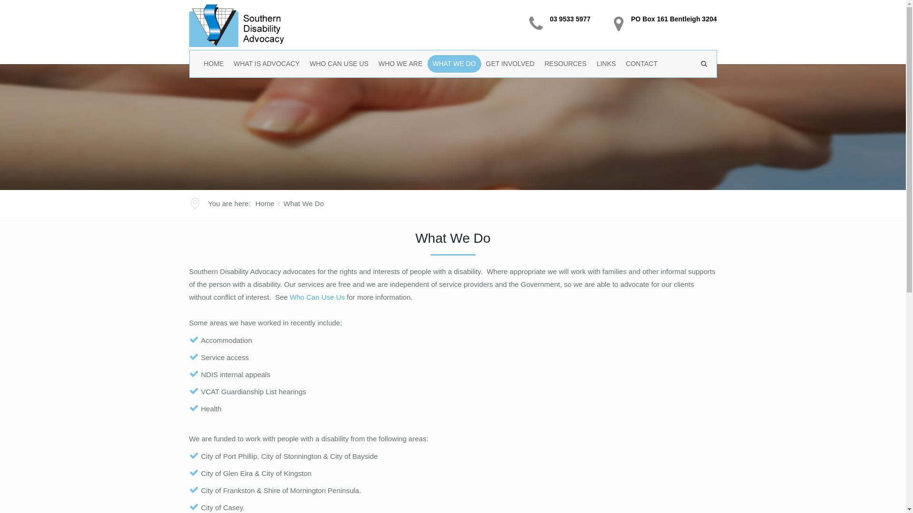 The image size is (913, 513). Describe the element at coordinates (641, 64) in the screenshot. I see `'CONTACT'` at that location.